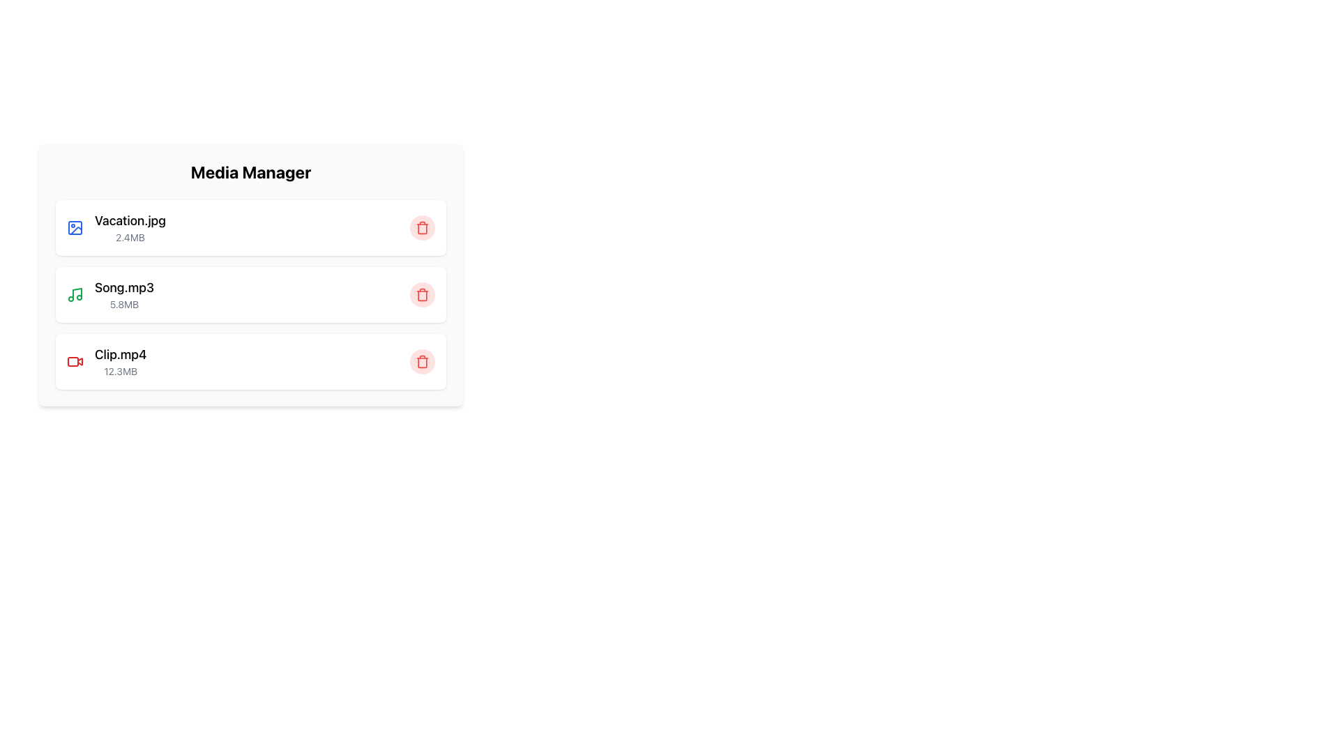 The height and width of the screenshot is (753, 1339). What do you see at coordinates (251, 227) in the screenshot?
I see `the first item in the Media Manager file list, which represents 'Vacation.jpg' and highlights the row` at bounding box center [251, 227].